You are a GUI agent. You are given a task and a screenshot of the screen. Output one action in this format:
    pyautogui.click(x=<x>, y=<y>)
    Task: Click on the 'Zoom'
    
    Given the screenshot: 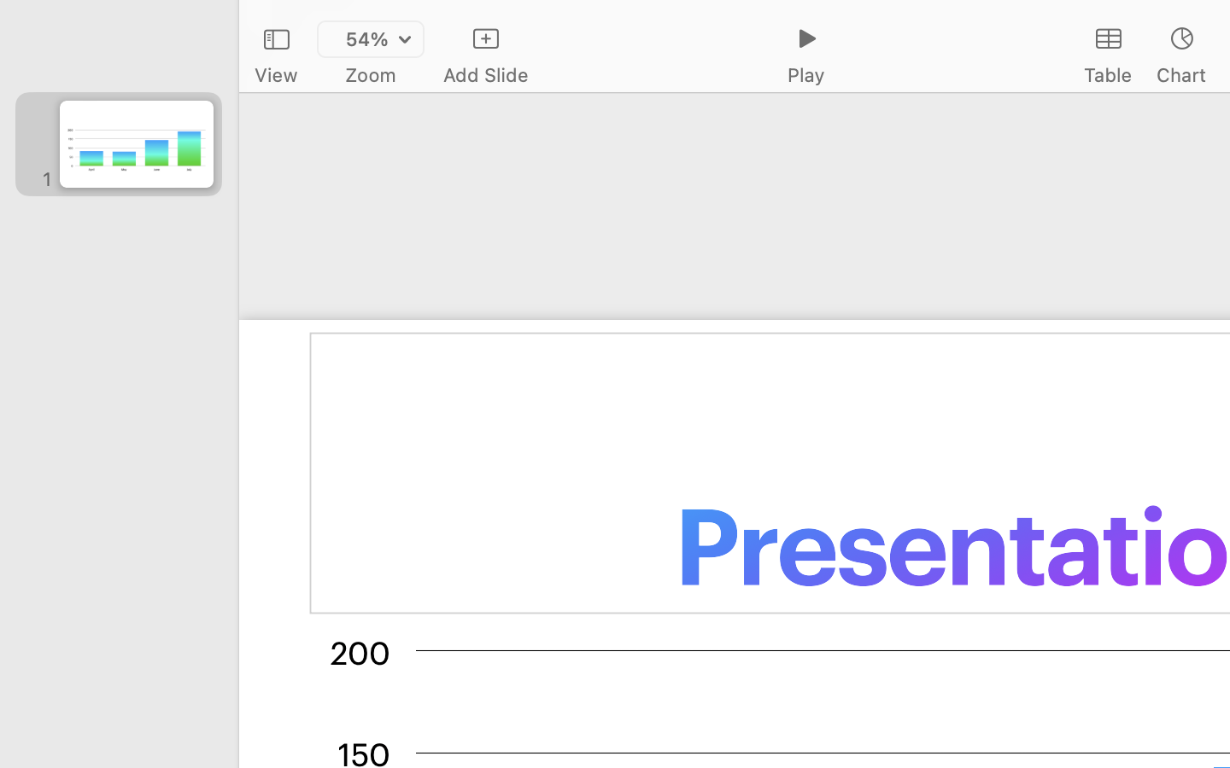 What is the action you would take?
    pyautogui.click(x=371, y=74)
    